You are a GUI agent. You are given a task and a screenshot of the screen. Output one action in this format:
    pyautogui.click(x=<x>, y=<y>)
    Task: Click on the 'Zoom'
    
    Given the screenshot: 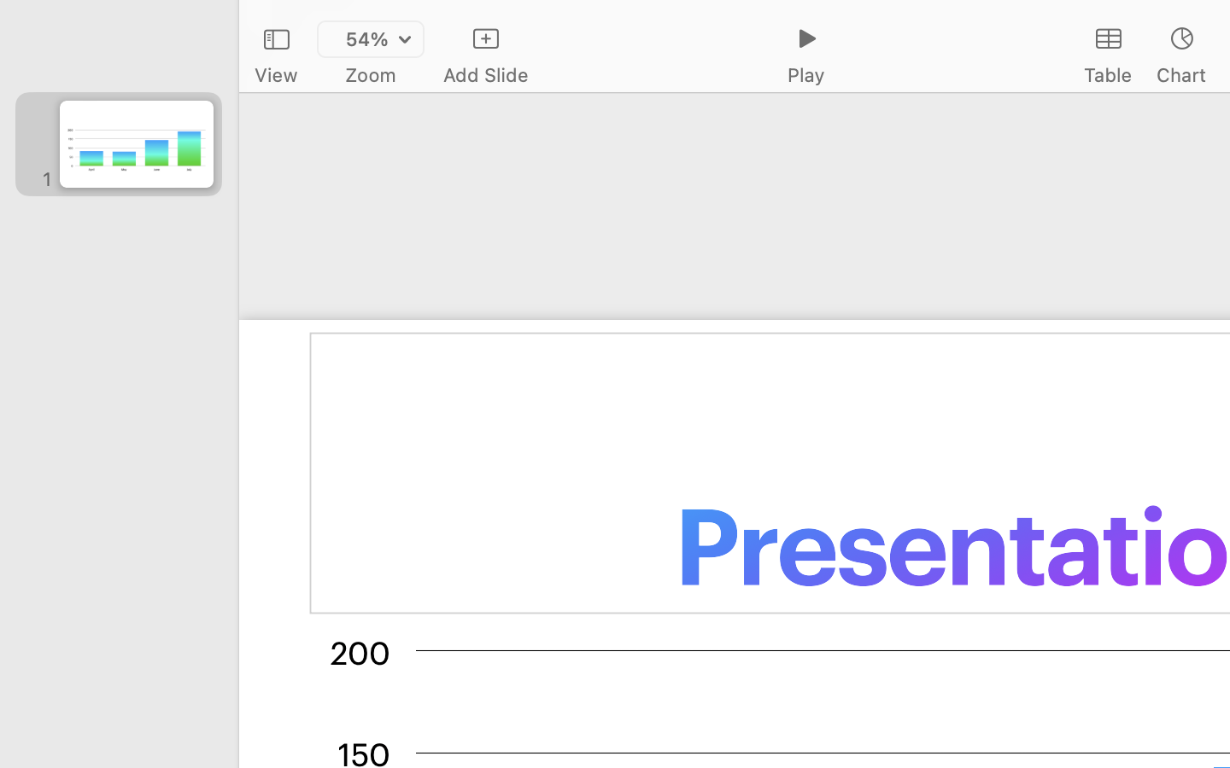 What is the action you would take?
    pyautogui.click(x=371, y=74)
    